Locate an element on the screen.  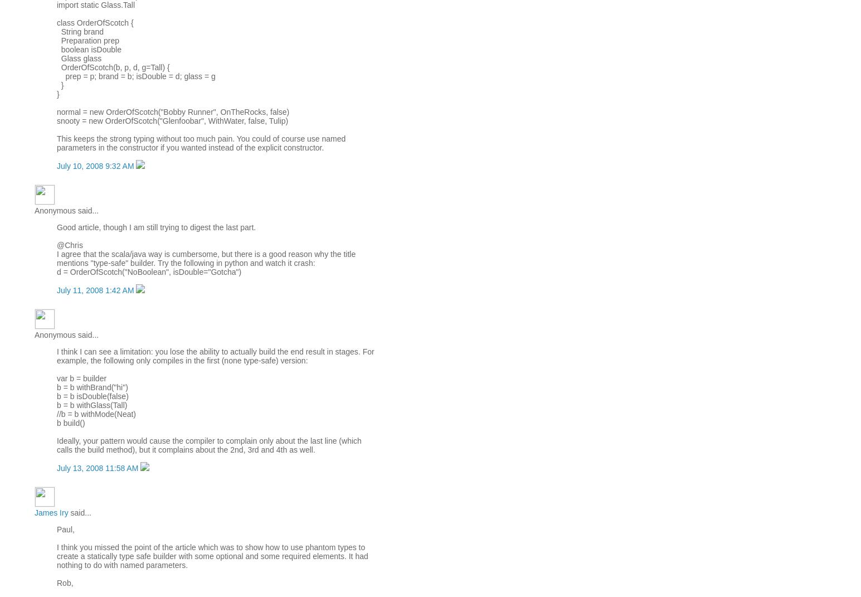
'Glass glass' is located at coordinates (78, 58).